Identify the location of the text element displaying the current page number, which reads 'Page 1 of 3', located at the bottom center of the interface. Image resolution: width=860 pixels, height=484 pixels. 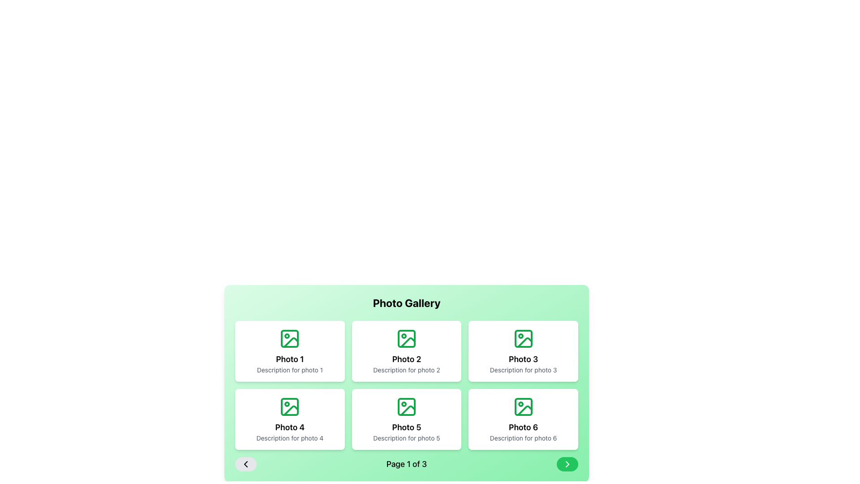
(406, 464).